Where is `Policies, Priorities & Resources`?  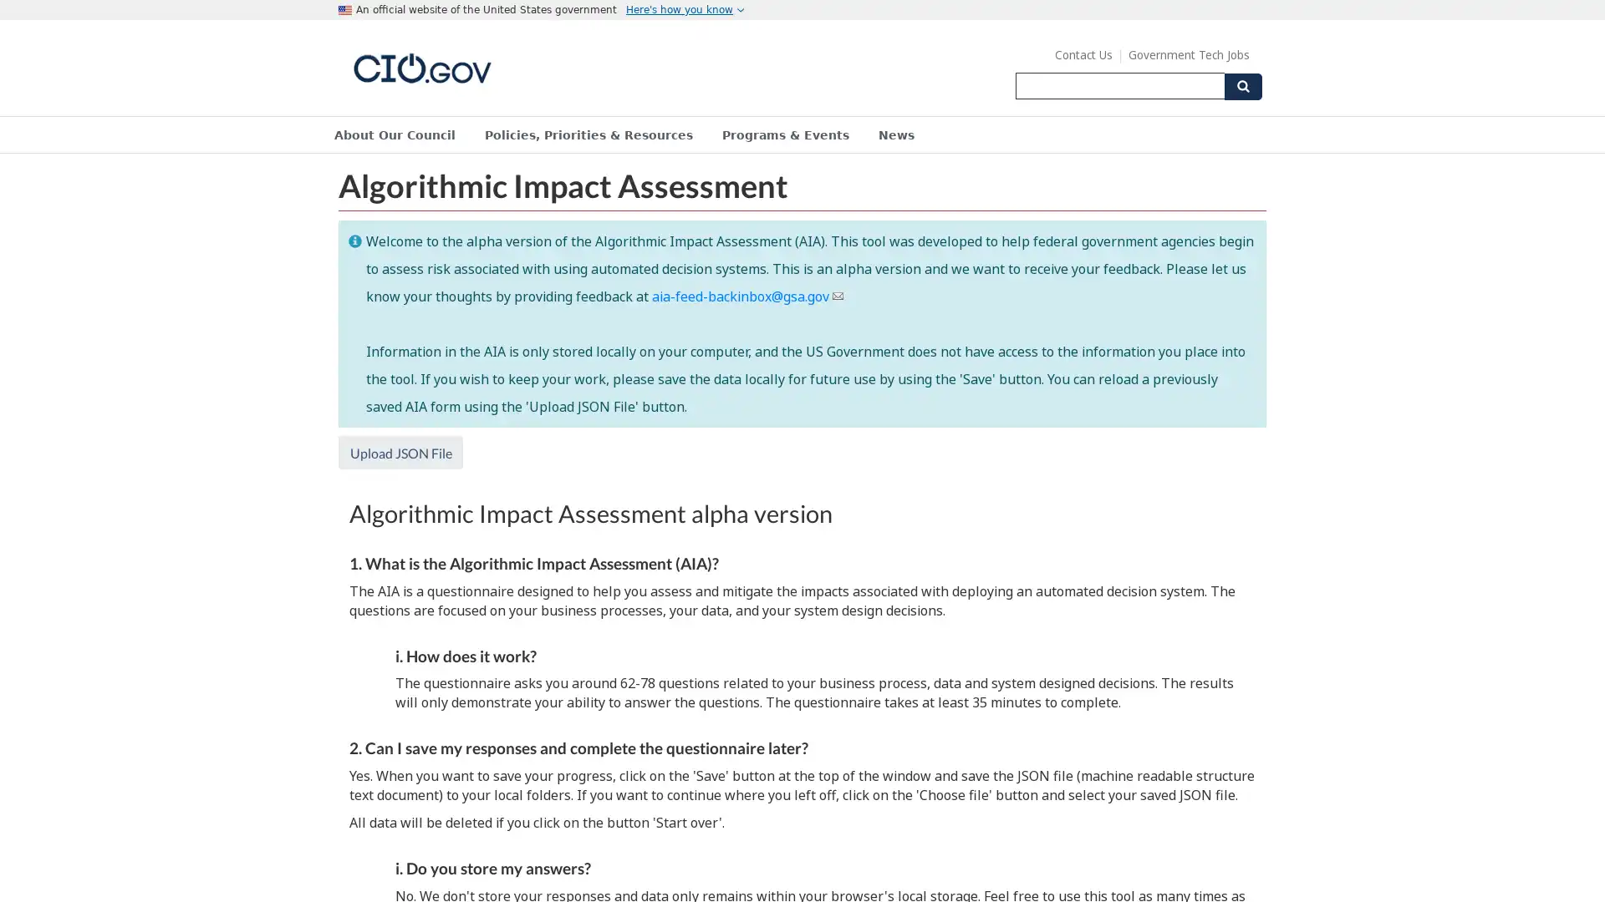 Policies, Priorities & Resources is located at coordinates (575, 134).